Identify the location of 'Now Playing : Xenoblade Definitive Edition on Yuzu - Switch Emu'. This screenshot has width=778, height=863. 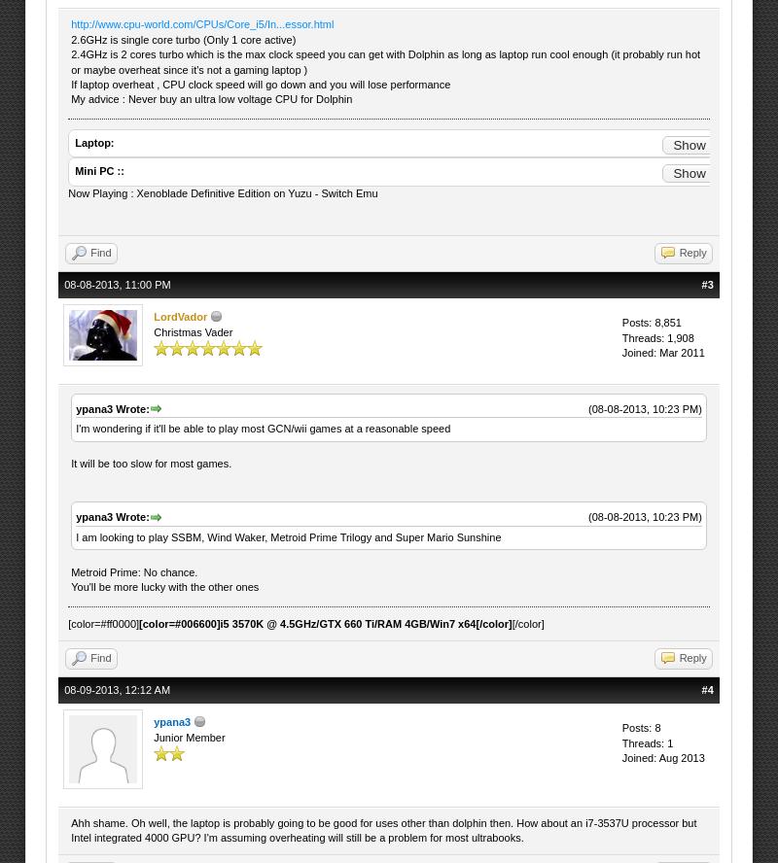
(224, 191).